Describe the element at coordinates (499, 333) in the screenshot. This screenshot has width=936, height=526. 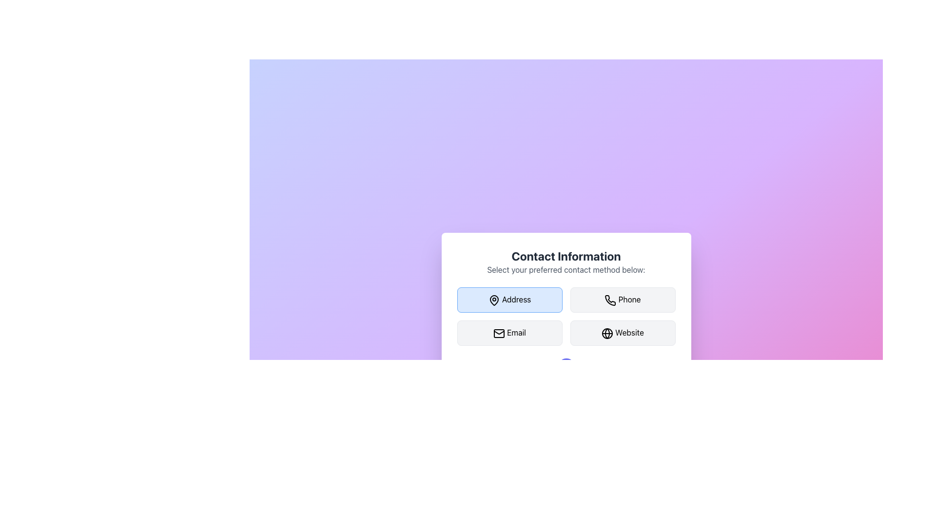
I see `the mail envelope icon that represents the body of the mail envelope graphic, which is part of the button labeled 'Email' located in the bottom left of the grid` at that location.